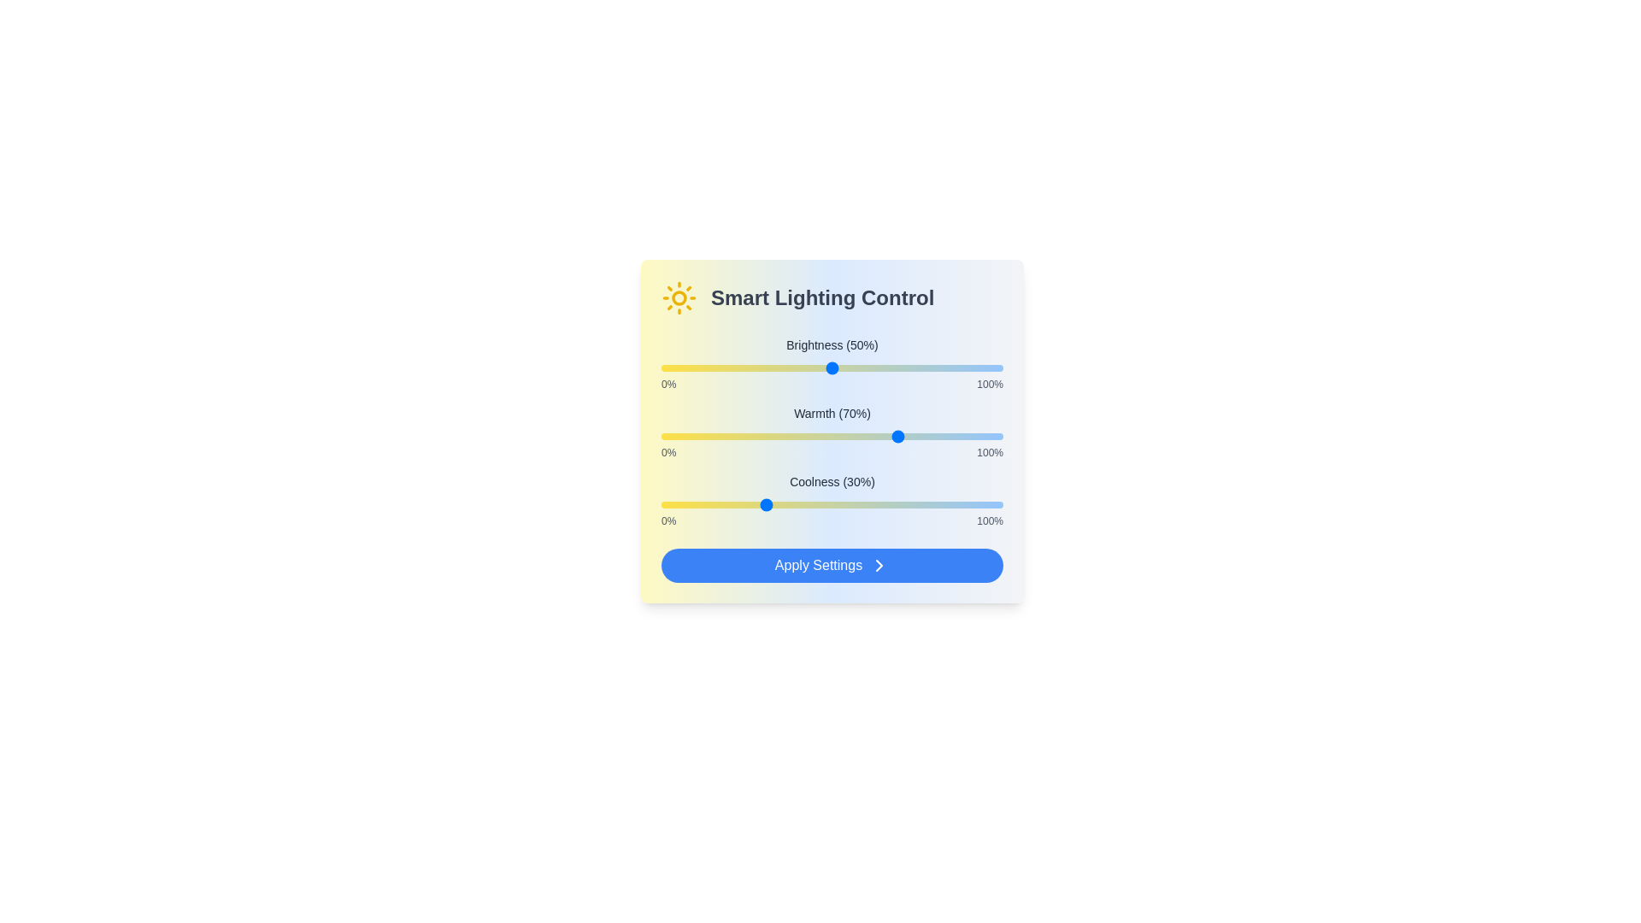  What do you see at coordinates (934, 367) in the screenshot?
I see `the brightness slider to 80%` at bounding box center [934, 367].